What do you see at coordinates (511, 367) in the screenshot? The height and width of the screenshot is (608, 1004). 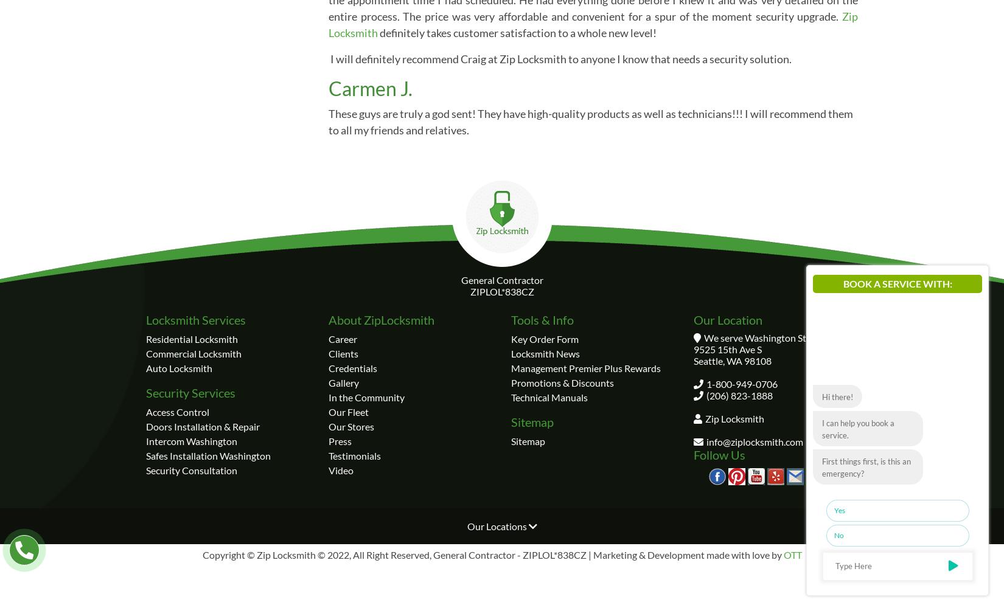 I see `'Management Premier Plus Rewards'` at bounding box center [511, 367].